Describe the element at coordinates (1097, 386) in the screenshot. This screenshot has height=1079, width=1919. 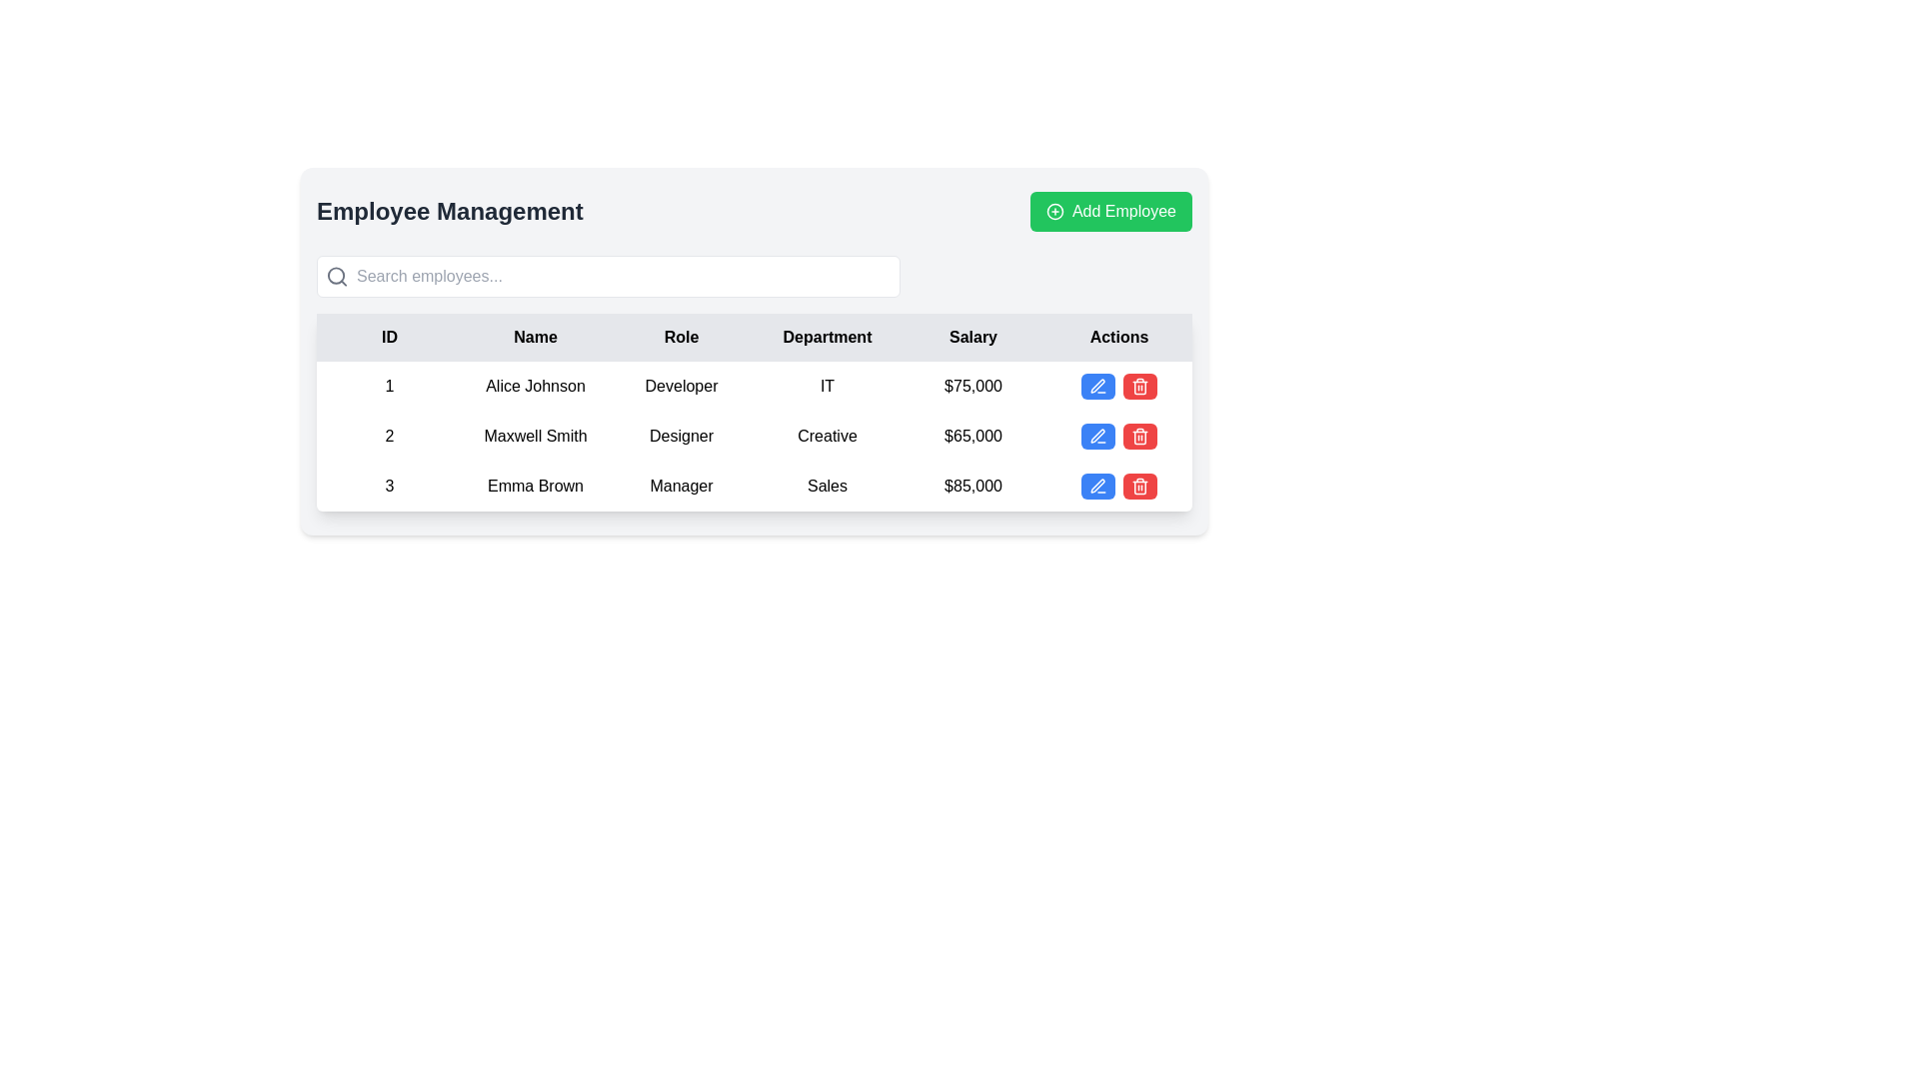
I see `the first blue button in the 'Actions' column associated with 'Alice Johnson' to initiate editing` at that location.